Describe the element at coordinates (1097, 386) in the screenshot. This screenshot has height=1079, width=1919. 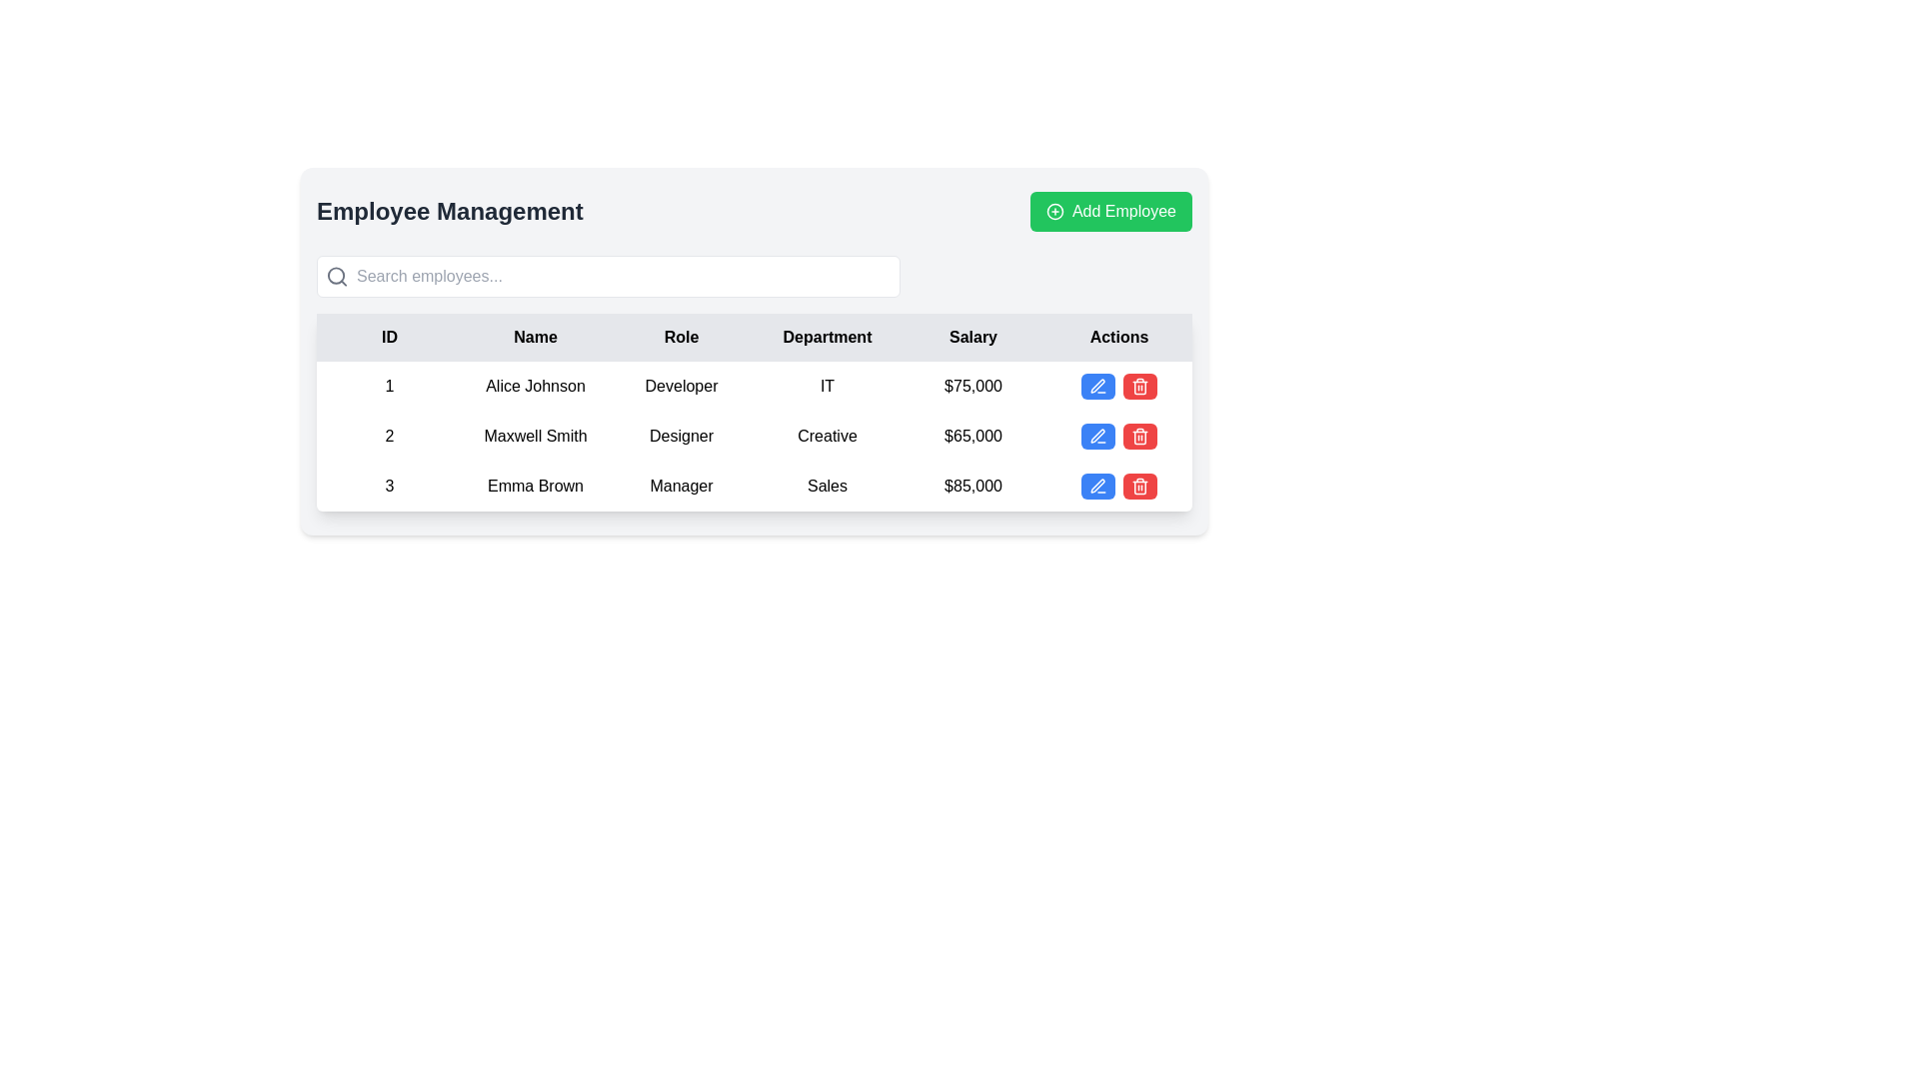
I see `the first blue button in the 'Actions' column associated with 'Alice Johnson' to initiate editing` at that location.